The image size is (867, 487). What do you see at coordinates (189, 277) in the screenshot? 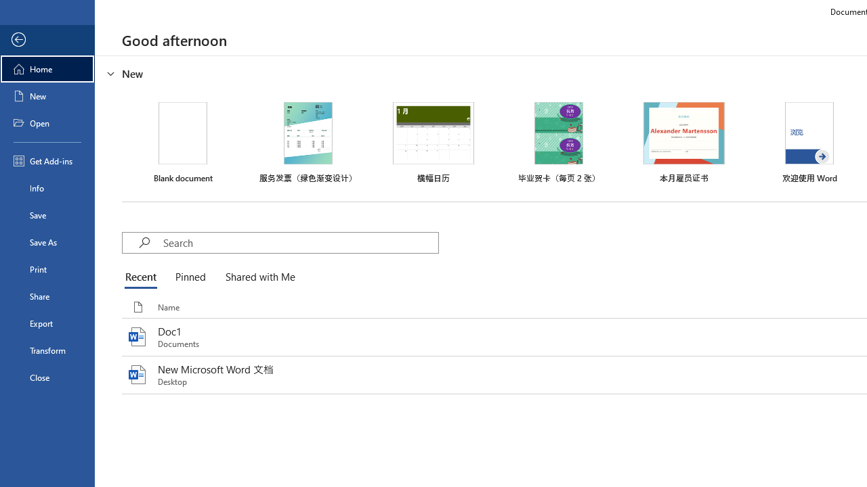
I see `'Pinned'` at bounding box center [189, 277].